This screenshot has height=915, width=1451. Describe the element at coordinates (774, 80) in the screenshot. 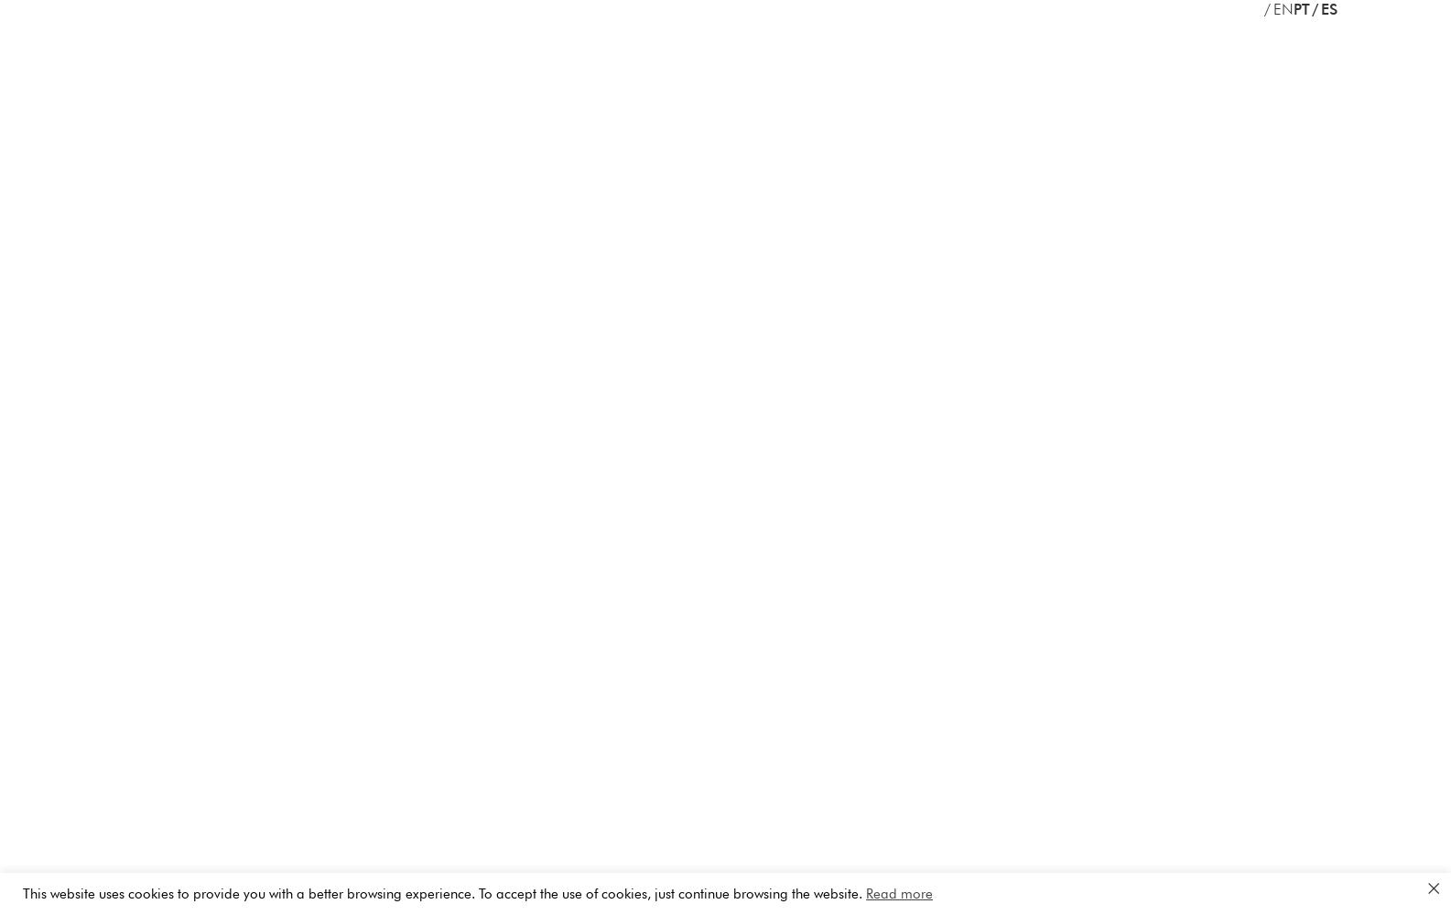

I see `'Password'` at that location.